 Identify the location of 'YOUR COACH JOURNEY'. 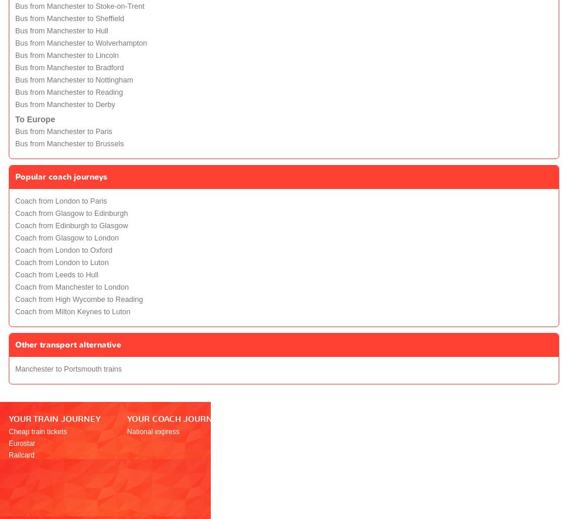
(174, 418).